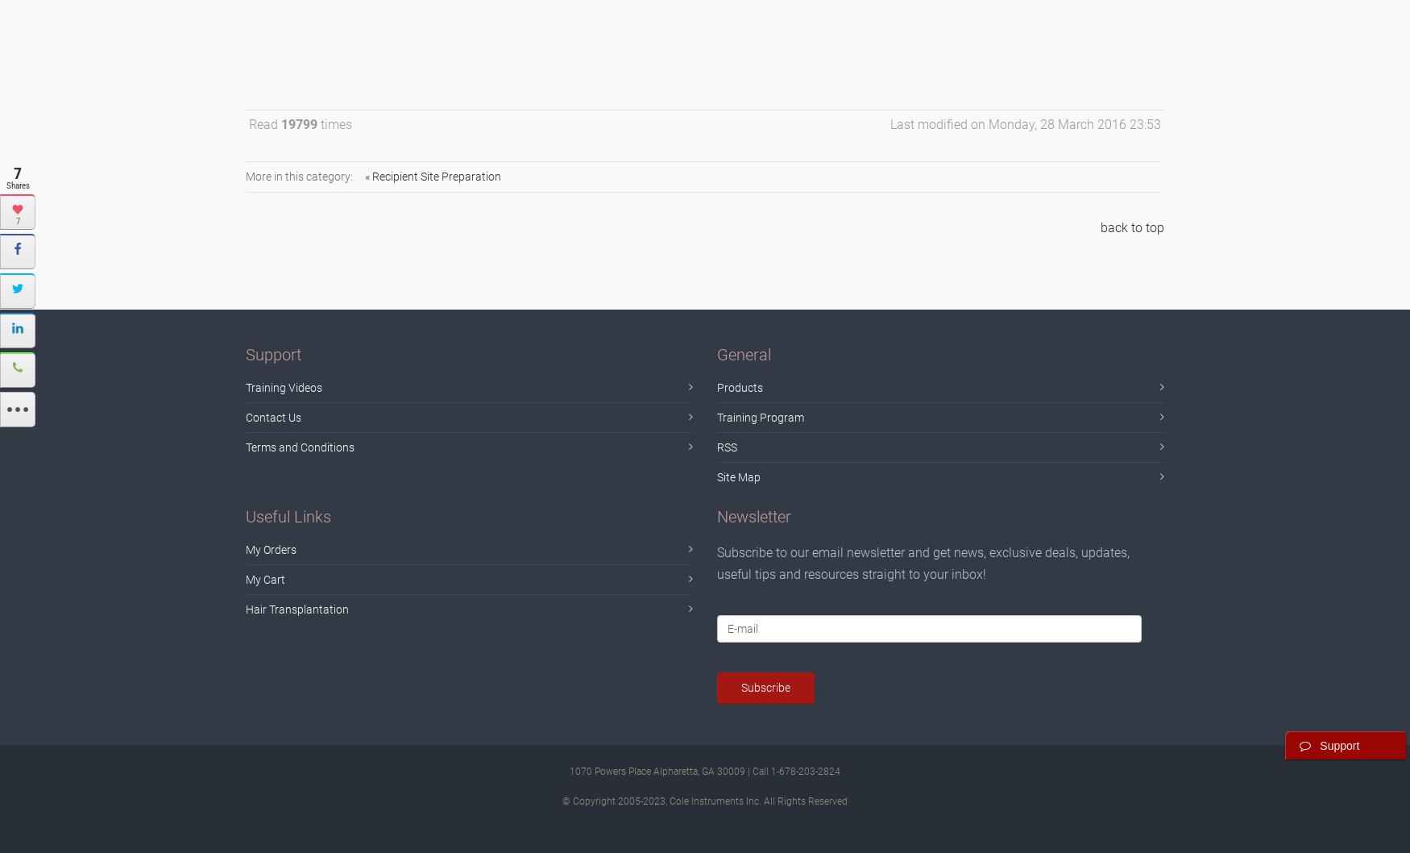 The image size is (1410, 853). What do you see at coordinates (432, 175) in the screenshot?
I see `'« Recipient Site Preparation'` at bounding box center [432, 175].